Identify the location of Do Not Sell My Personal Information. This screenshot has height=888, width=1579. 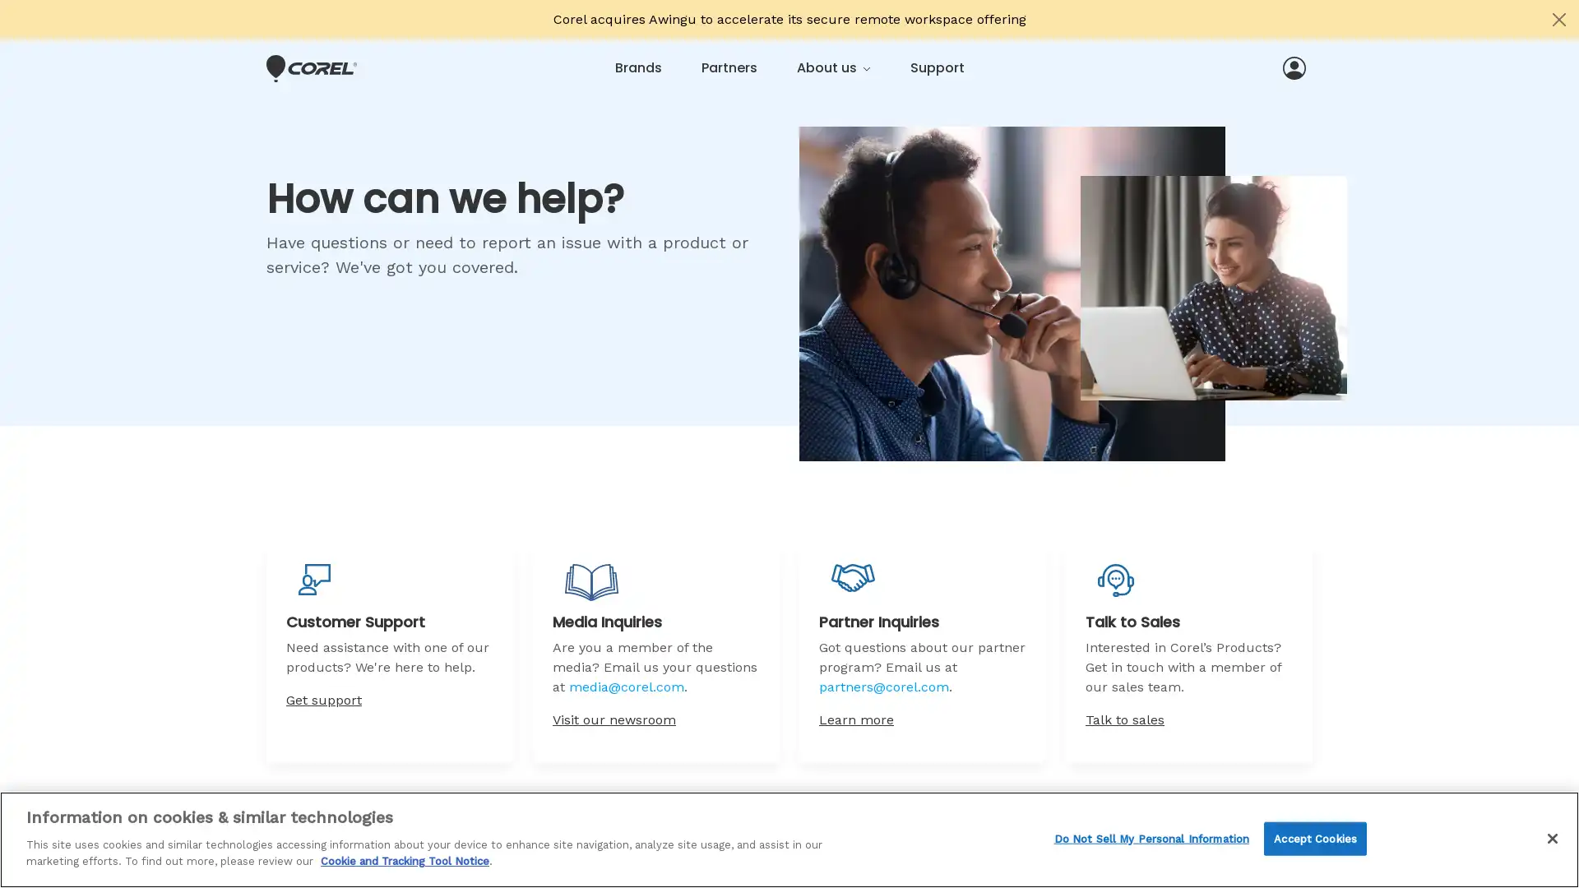
(1151, 838).